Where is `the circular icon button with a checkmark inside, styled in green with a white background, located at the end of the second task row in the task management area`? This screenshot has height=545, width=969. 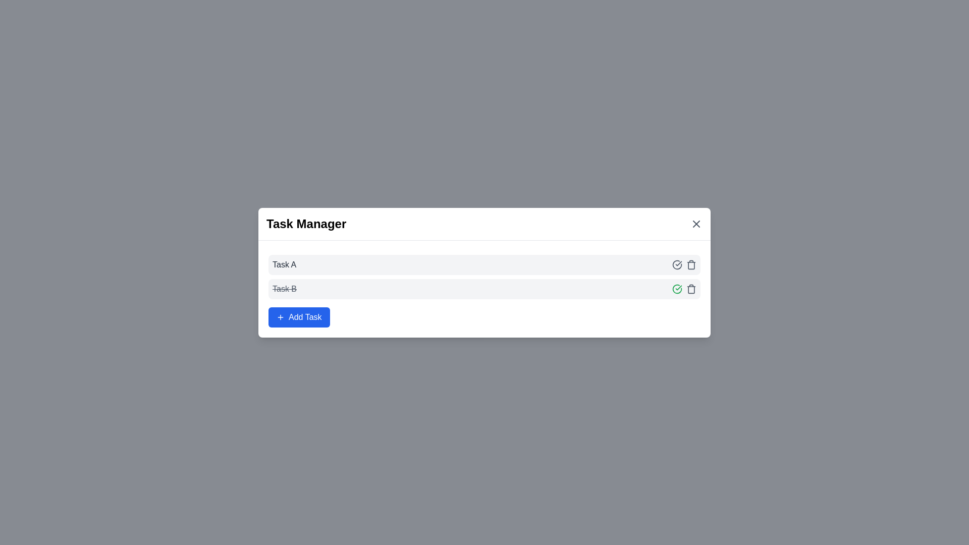
the circular icon button with a checkmark inside, styled in green with a white background, located at the end of the second task row in the task management area is located at coordinates (677, 289).